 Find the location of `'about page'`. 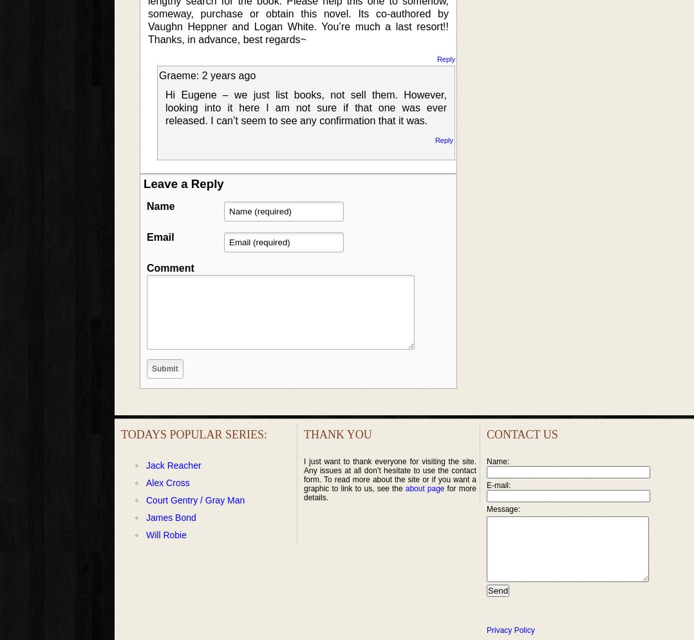

'about page' is located at coordinates (424, 488).